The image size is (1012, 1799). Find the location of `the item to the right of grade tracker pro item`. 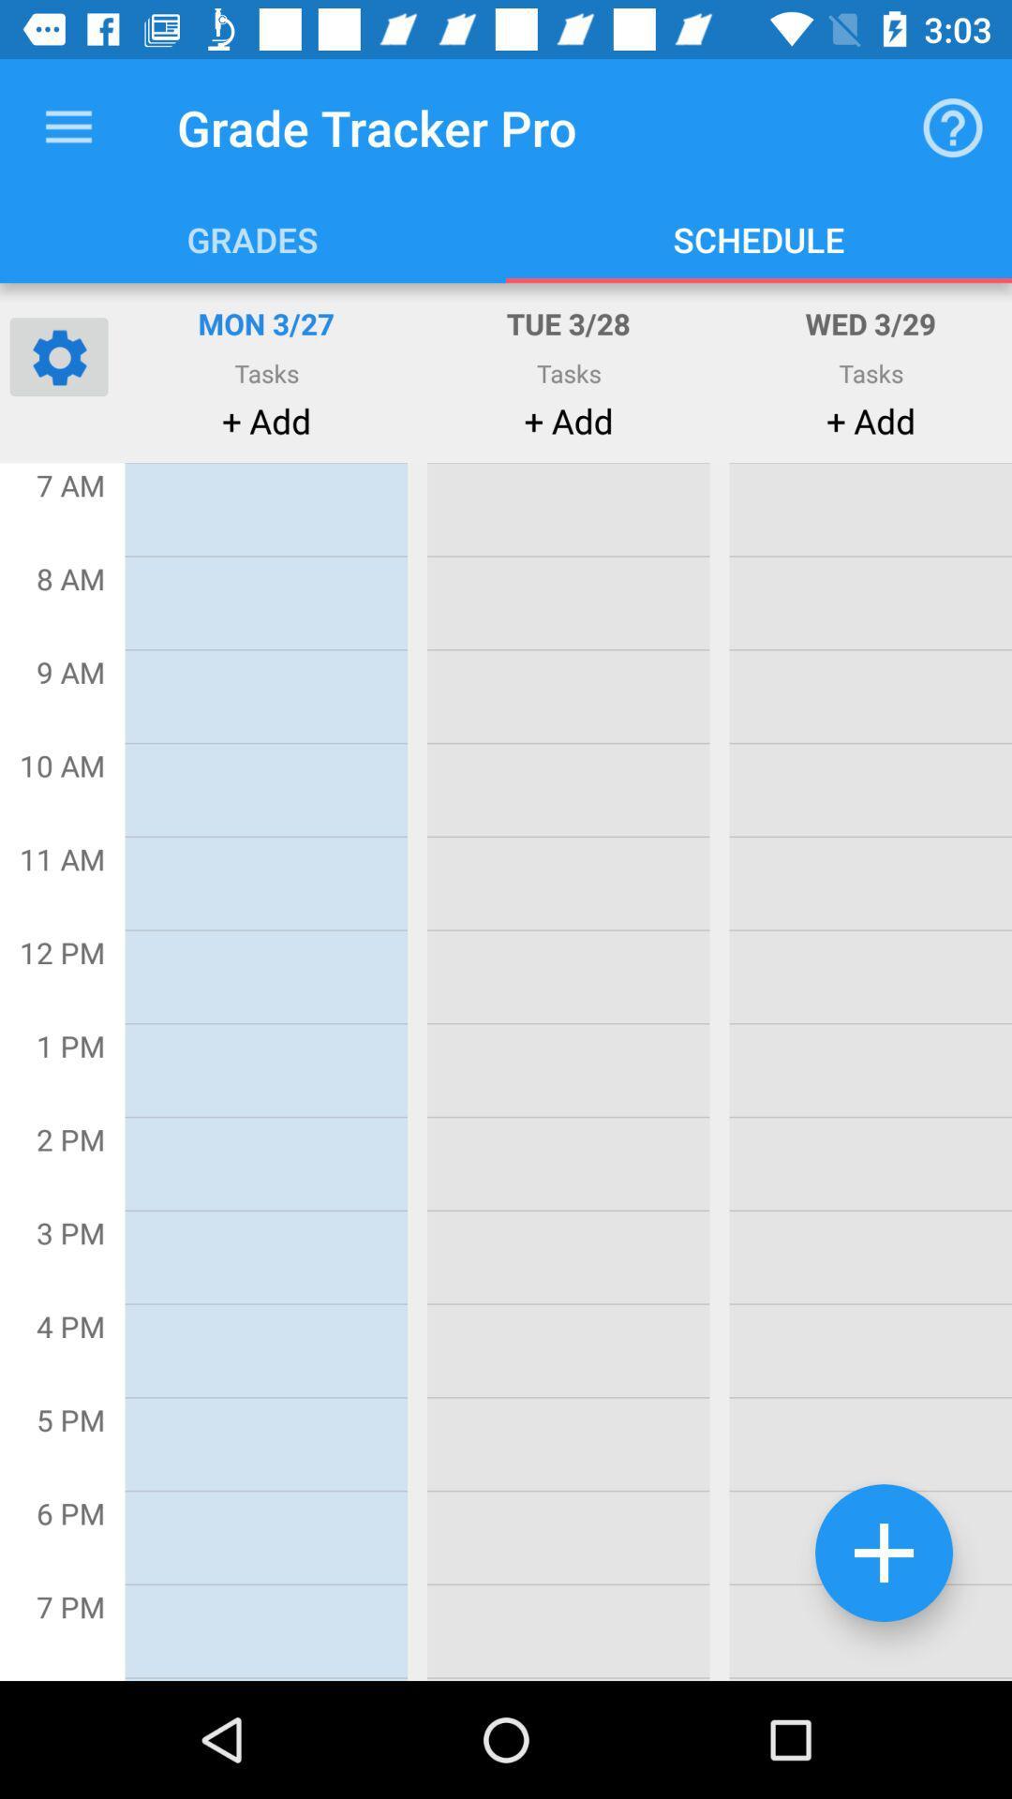

the item to the right of grade tracker pro item is located at coordinates (953, 126).